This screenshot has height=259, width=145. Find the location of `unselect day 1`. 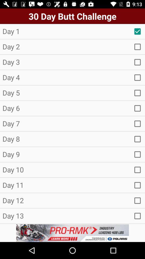

unselect day 1 is located at coordinates (137, 31).